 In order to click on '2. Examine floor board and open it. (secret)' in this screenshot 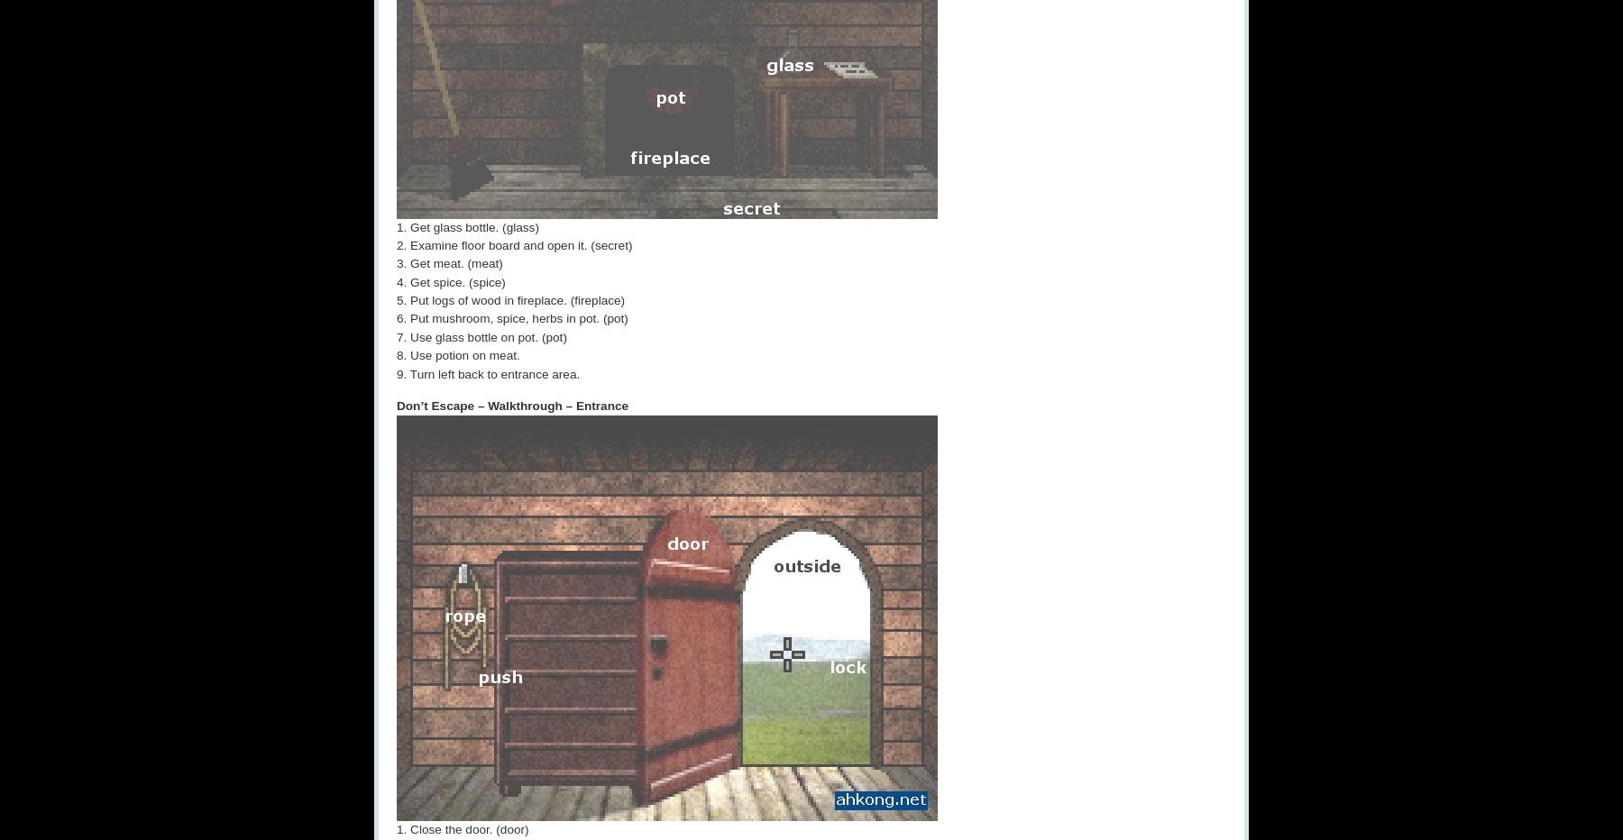, I will do `click(514, 243)`.